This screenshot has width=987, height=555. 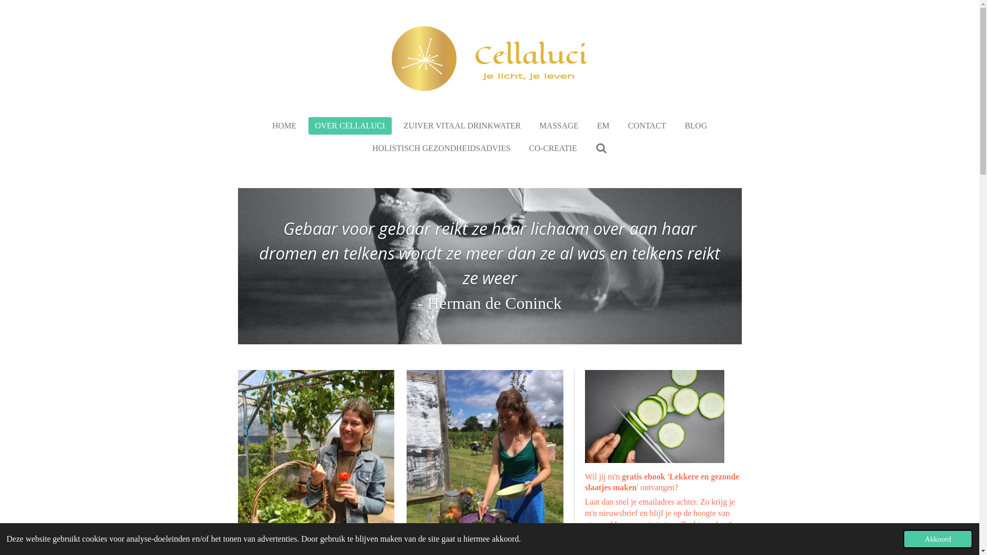 I want to click on 'Akkoord', so click(x=938, y=539).